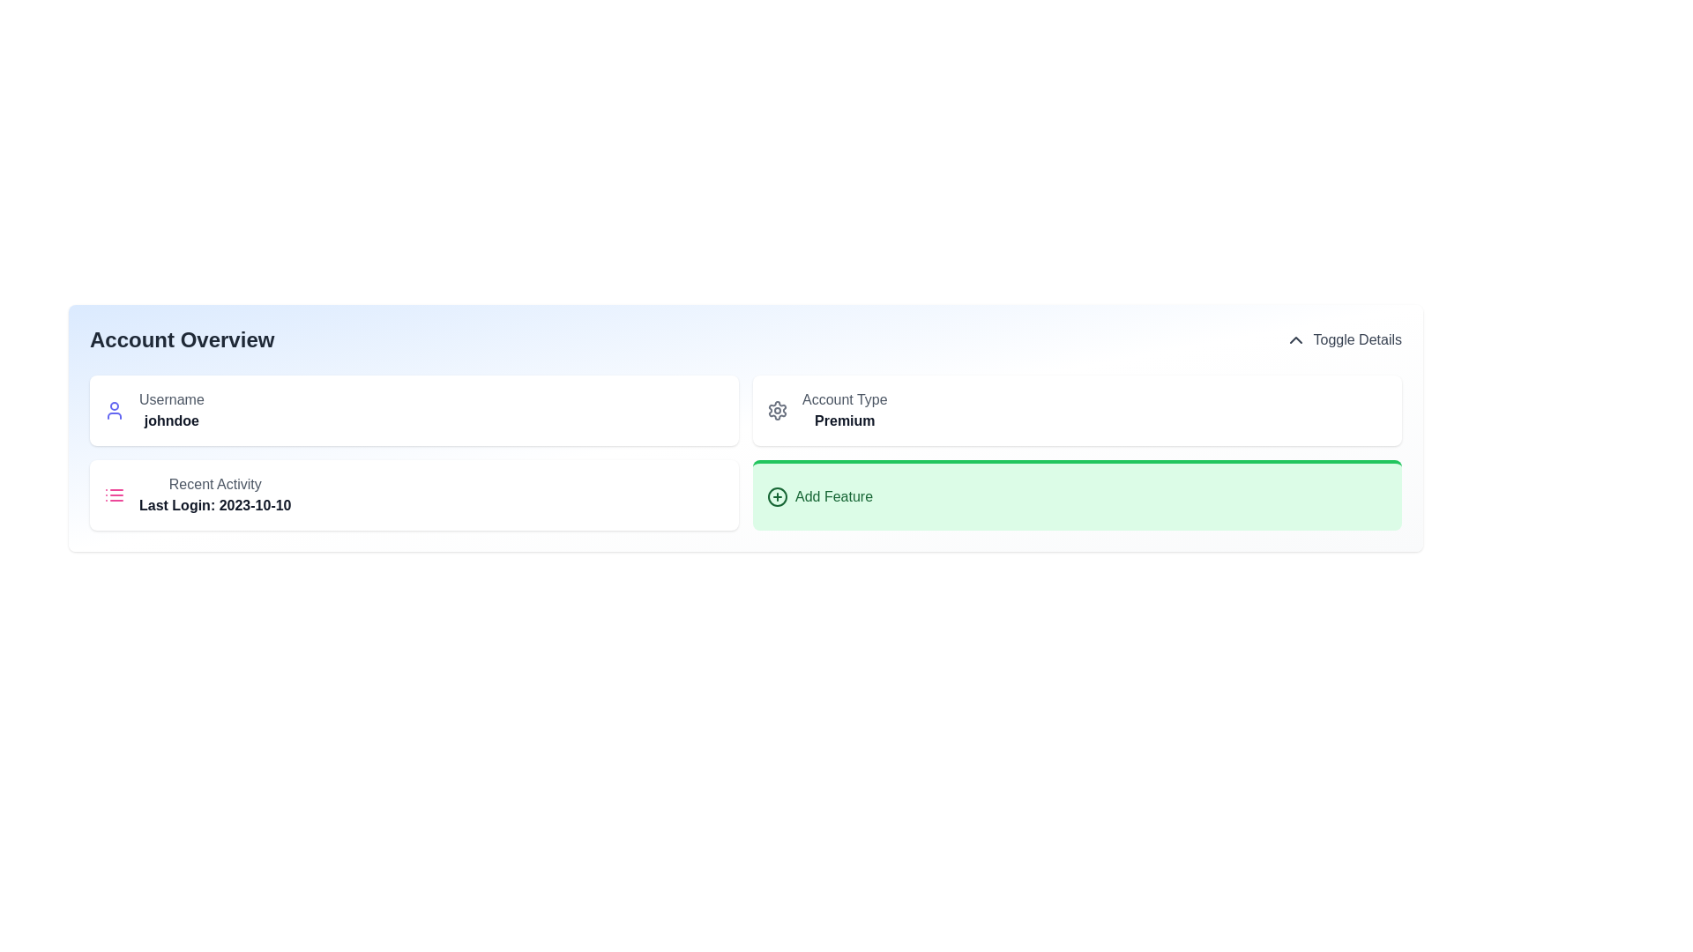 The width and height of the screenshot is (1693, 952). Describe the element at coordinates (214, 485) in the screenshot. I see `the 'Recent Activity' text label, which is styled in medium gray font and positioned above the 'Last Login' text within the 'Account Overview' panel` at that location.